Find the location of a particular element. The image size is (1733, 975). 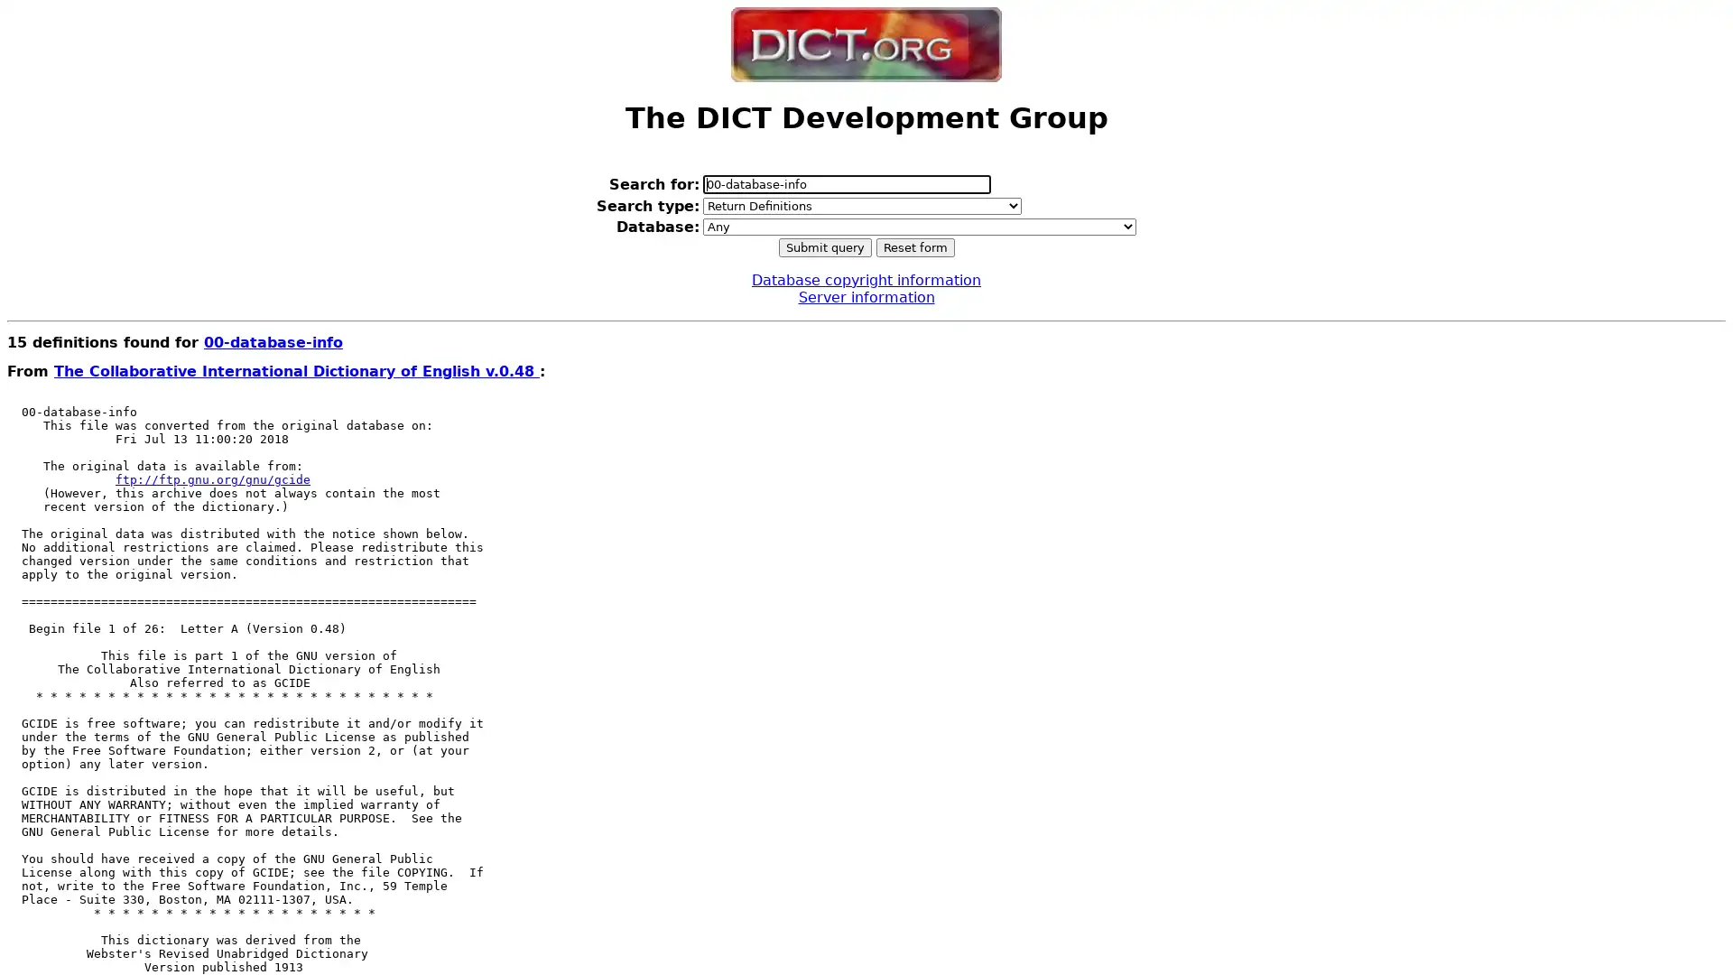

Submit query is located at coordinates (823, 246).